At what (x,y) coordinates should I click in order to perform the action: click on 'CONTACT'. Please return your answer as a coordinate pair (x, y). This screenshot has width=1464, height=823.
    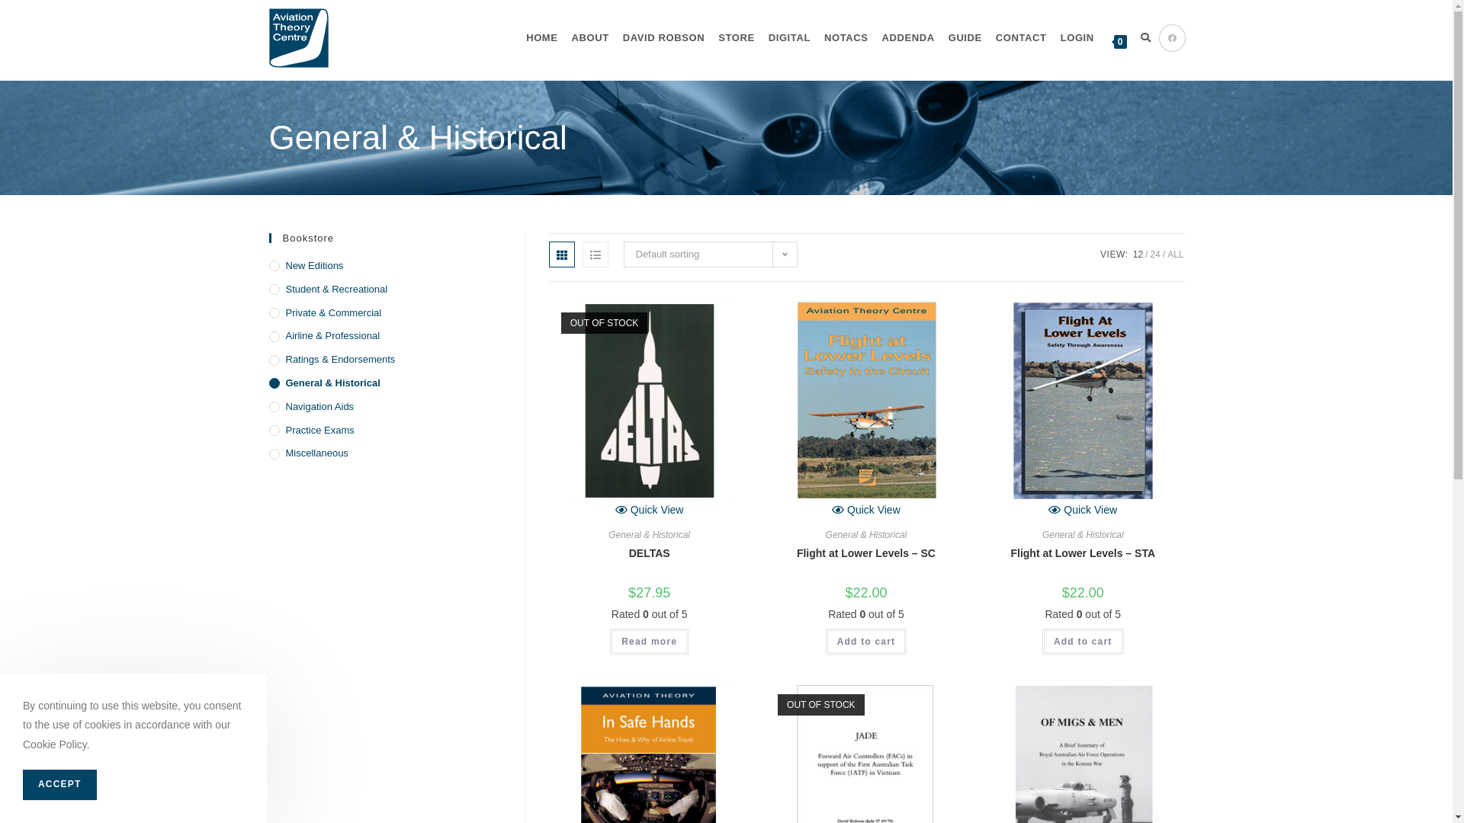
    Looking at the image, I should click on (1021, 37).